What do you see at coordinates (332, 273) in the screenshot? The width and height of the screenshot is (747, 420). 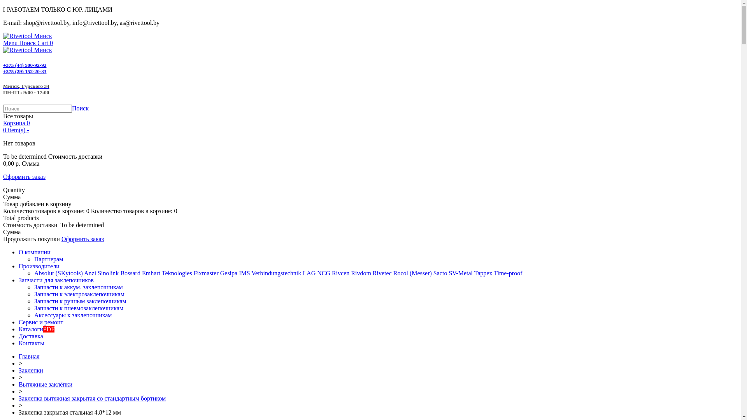 I see `'Rivcen'` at bounding box center [332, 273].